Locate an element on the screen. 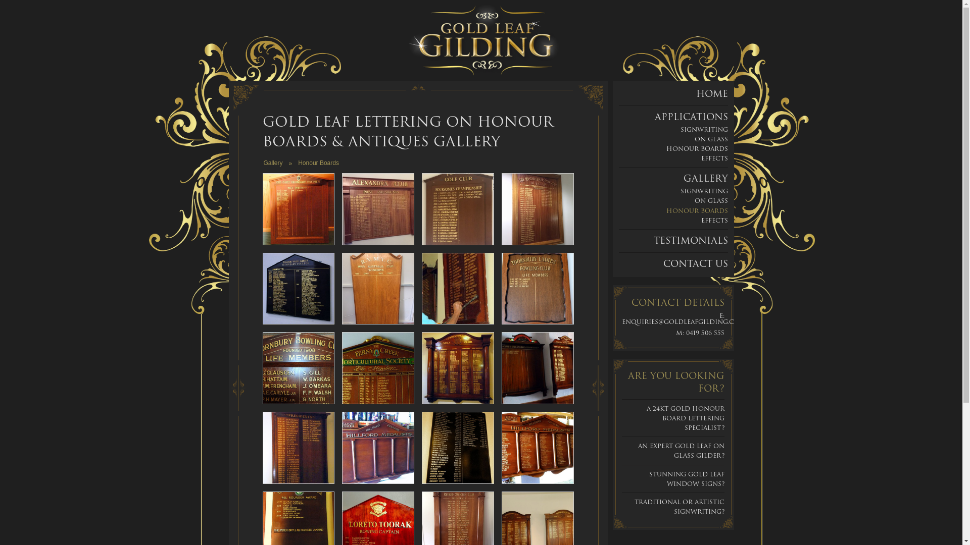 The height and width of the screenshot is (545, 970). 'EFFECTS' is located at coordinates (714, 158).